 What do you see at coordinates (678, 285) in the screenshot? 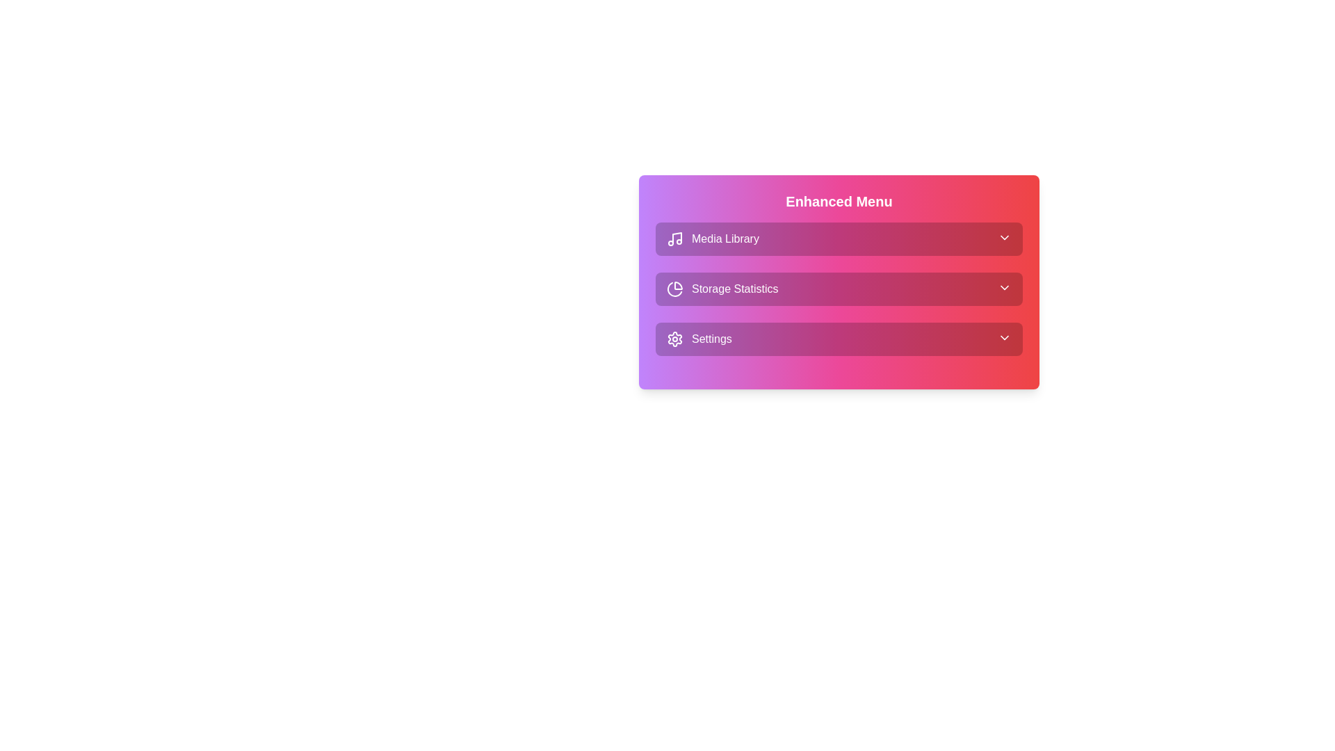
I see `the black circular sector of the pie chart icon representing the 'Storage Statistics' section in the Enhanced Menu` at bounding box center [678, 285].